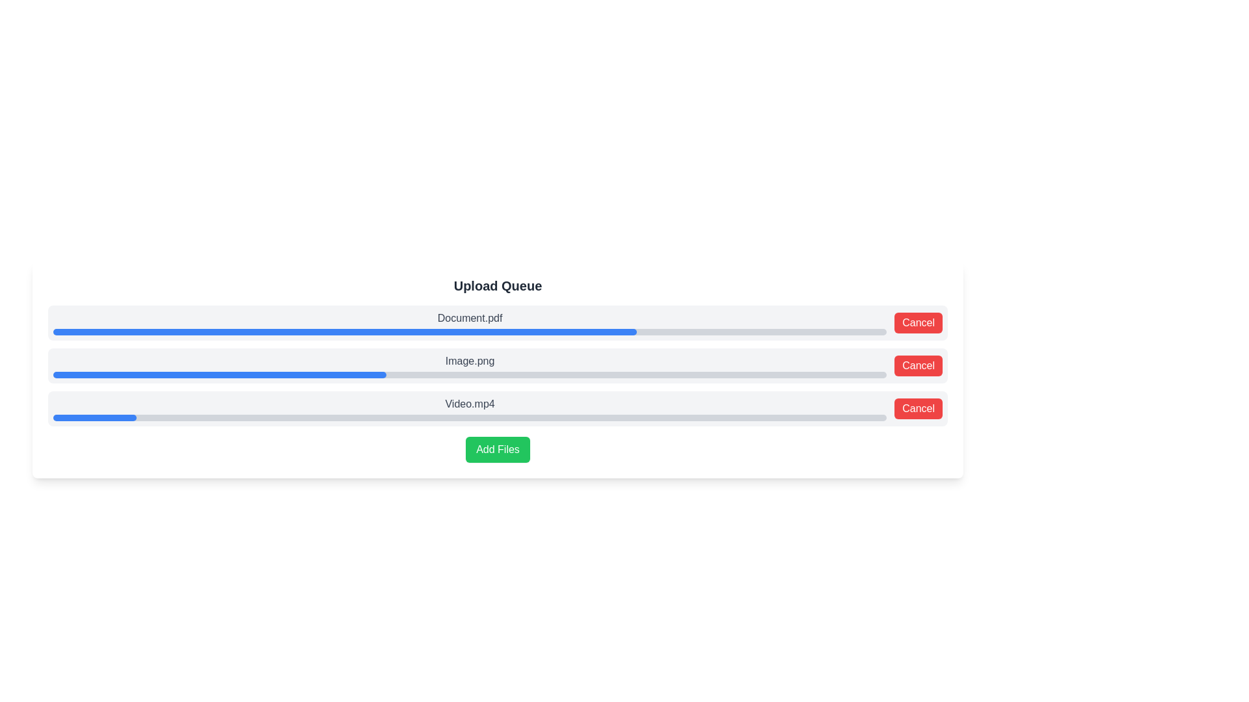  Describe the element at coordinates (469, 408) in the screenshot. I see `the text label displaying the filename 'Video.mp4', which is styled with a gray font and located above the progress bar` at that location.